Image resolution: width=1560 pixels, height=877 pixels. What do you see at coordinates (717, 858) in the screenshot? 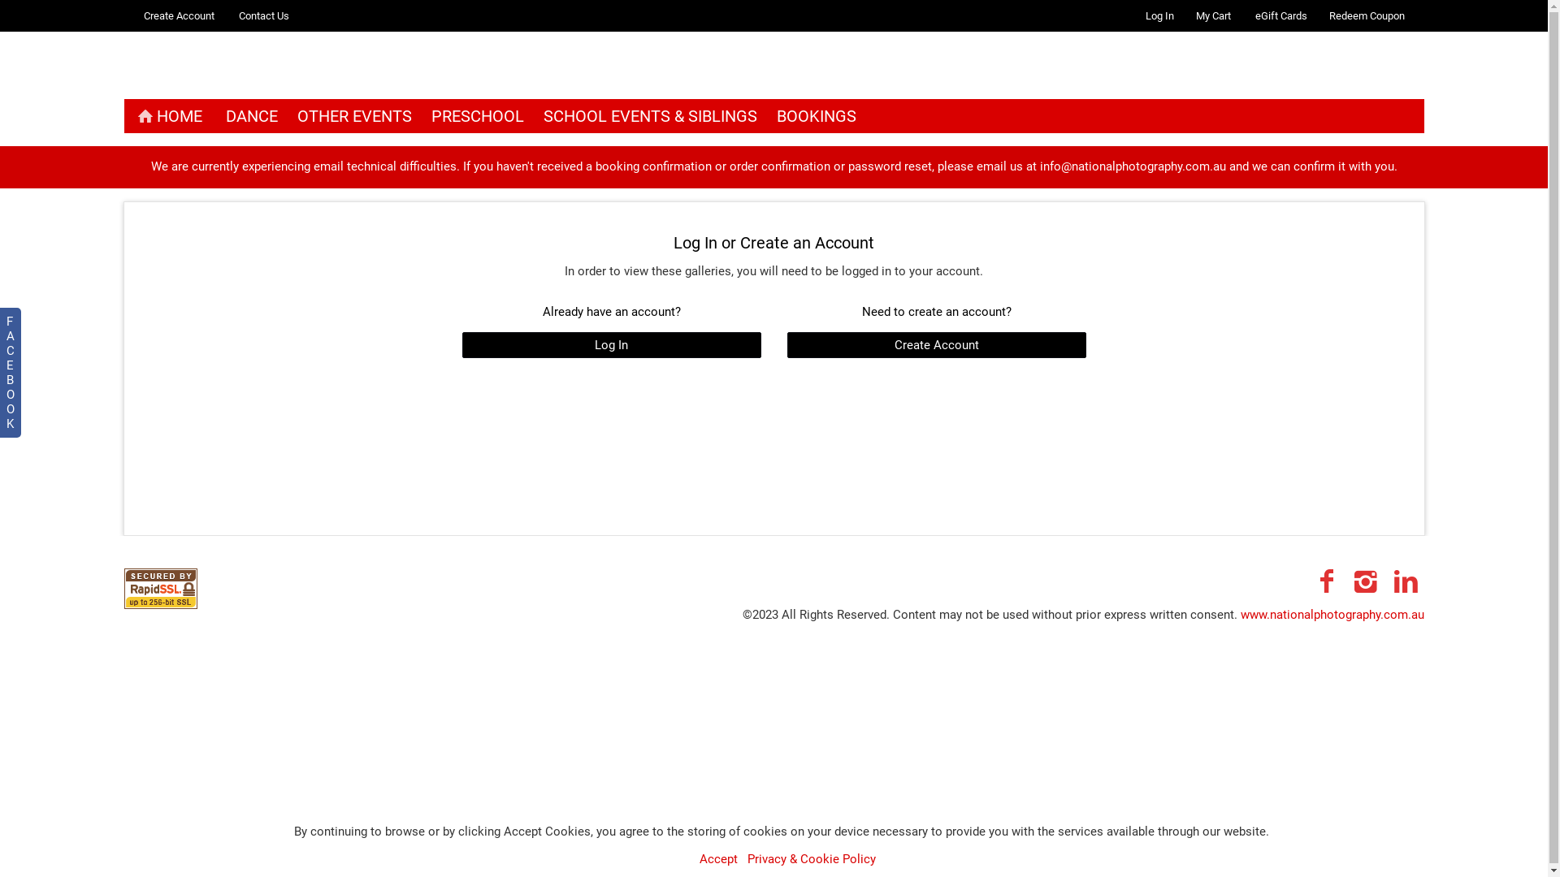
I see `'Accept'` at bounding box center [717, 858].